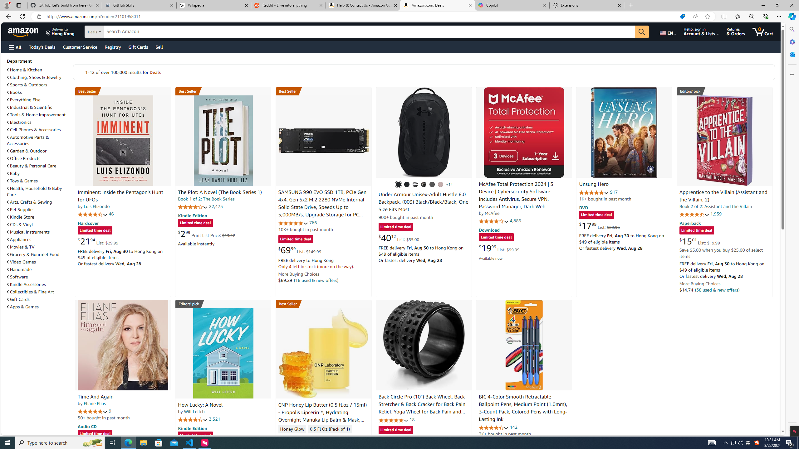 This screenshot has height=449, width=799. Describe the element at coordinates (641, 32) in the screenshot. I see `'Go'` at that location.